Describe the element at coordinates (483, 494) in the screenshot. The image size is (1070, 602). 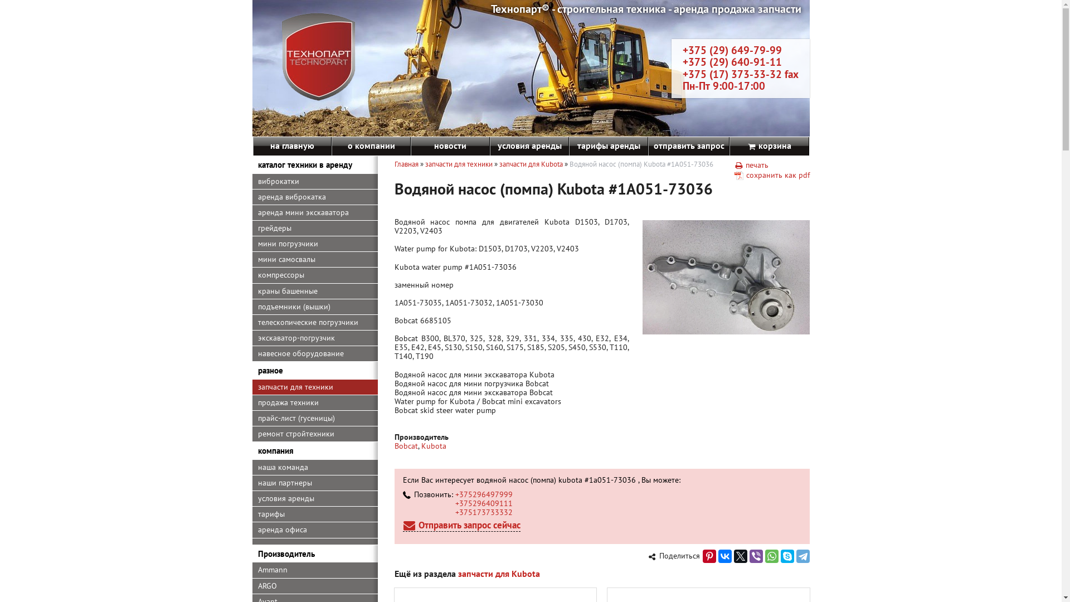
I see `'+375296497999'` at that location.